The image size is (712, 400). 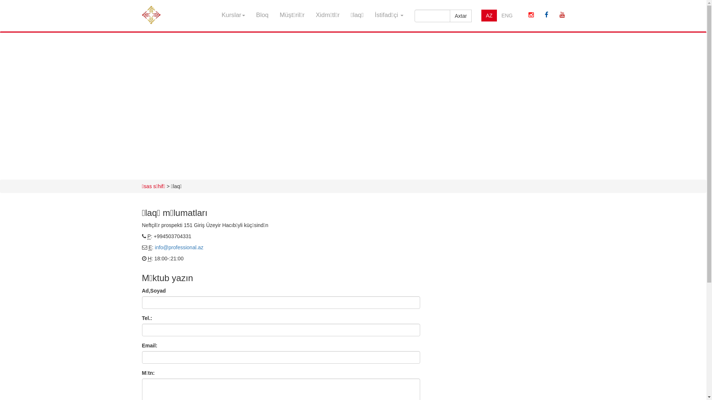 What do you see at coordinates (507, 16) in the screenshot?
I see `'ENG'` at bounding box center [507, 16].